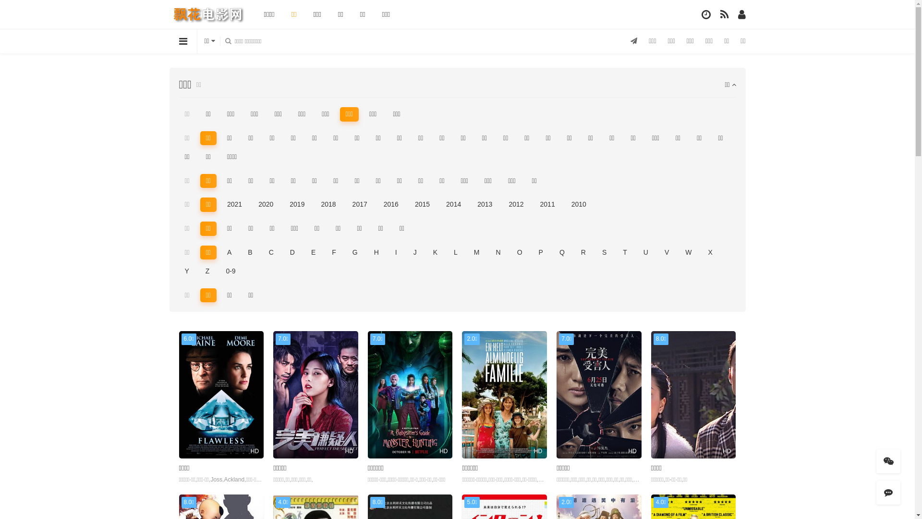 This screenshot has height=519, width=922. I want to click on '2020', so click(266, 204).